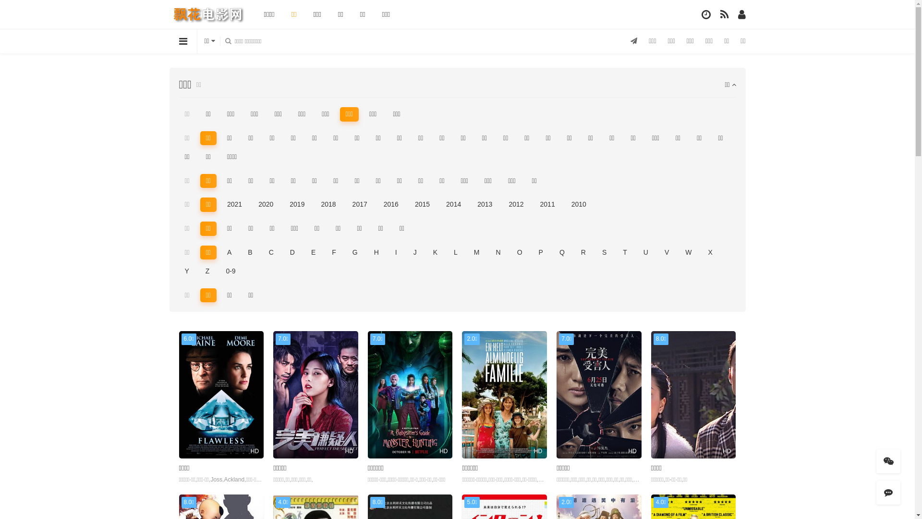 This screenshot has height=519, width=922. I want to click on '2020', so click(266, 204).